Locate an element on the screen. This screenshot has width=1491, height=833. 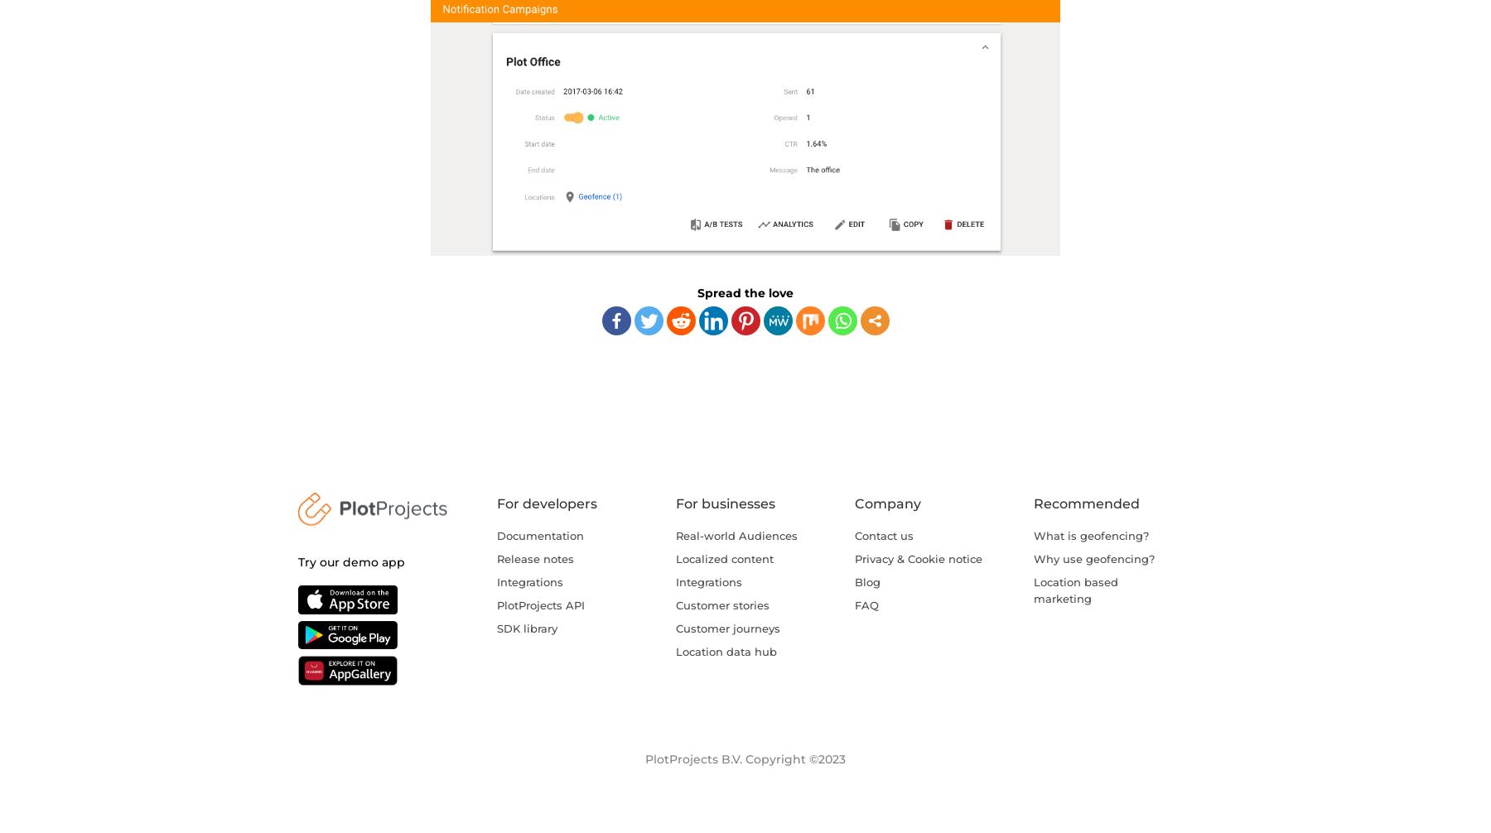
'SDK library' is located at coordinates (527, 627).